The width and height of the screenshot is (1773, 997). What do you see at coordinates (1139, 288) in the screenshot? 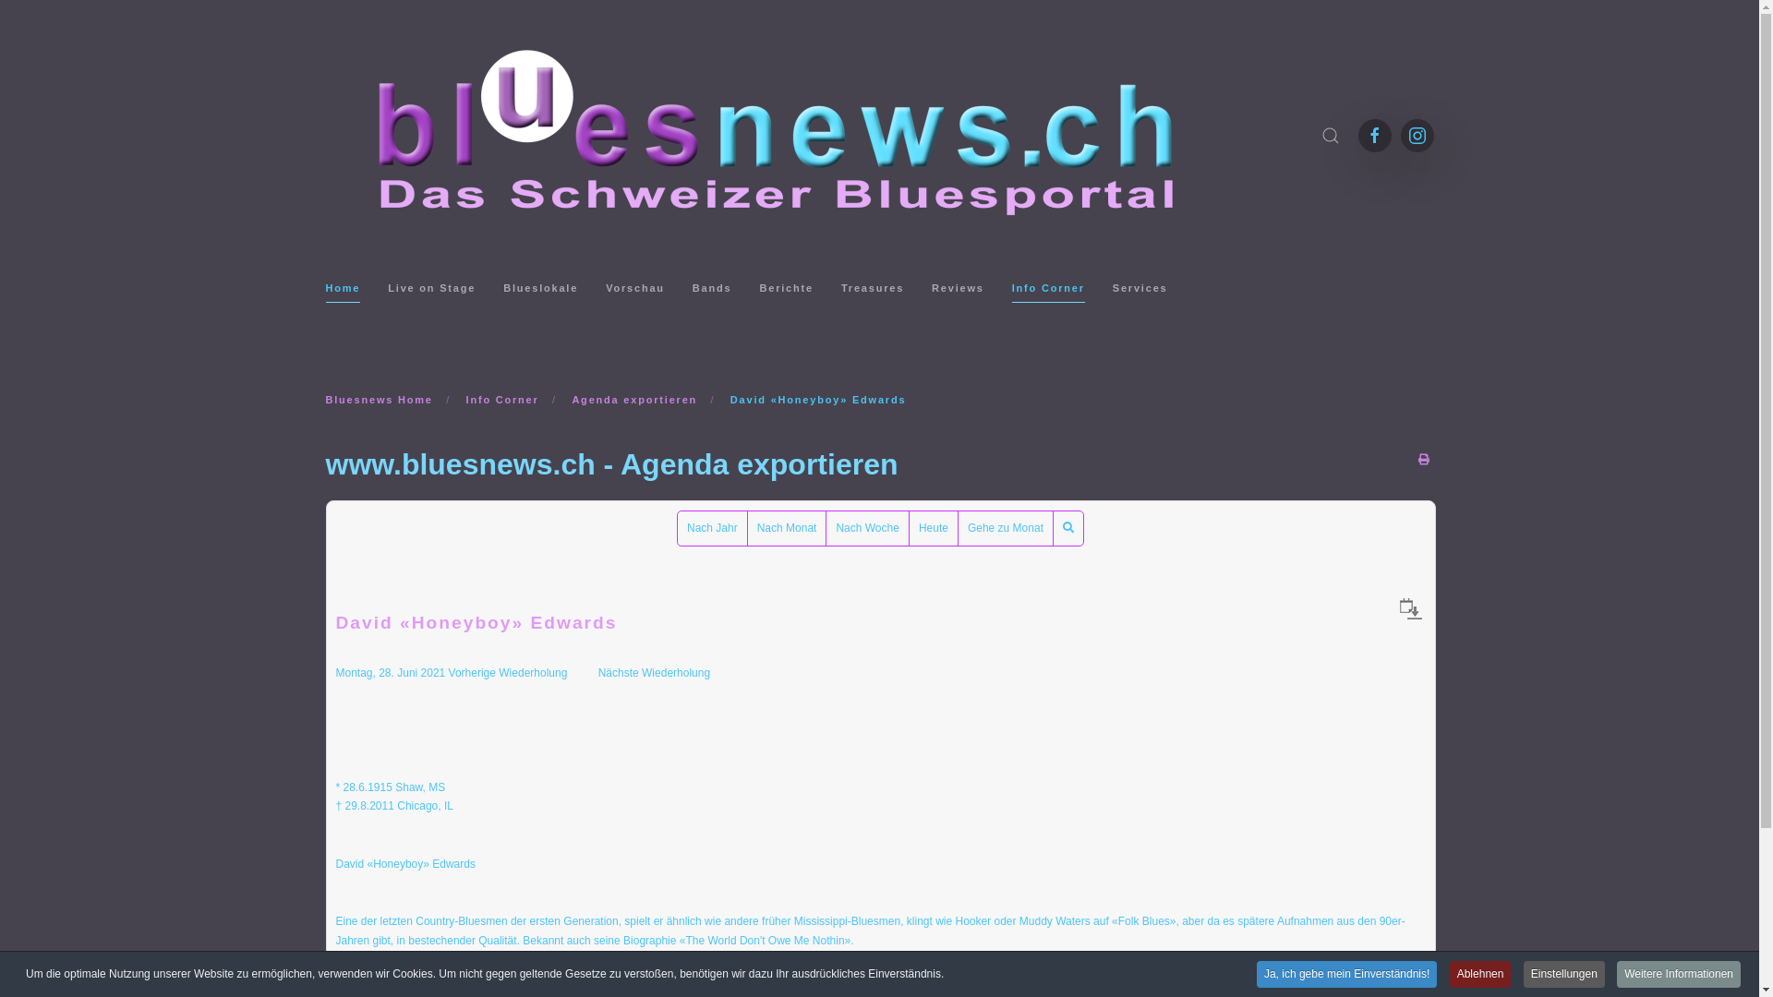
I see `'Services'` at bounding box center [1139, 288].